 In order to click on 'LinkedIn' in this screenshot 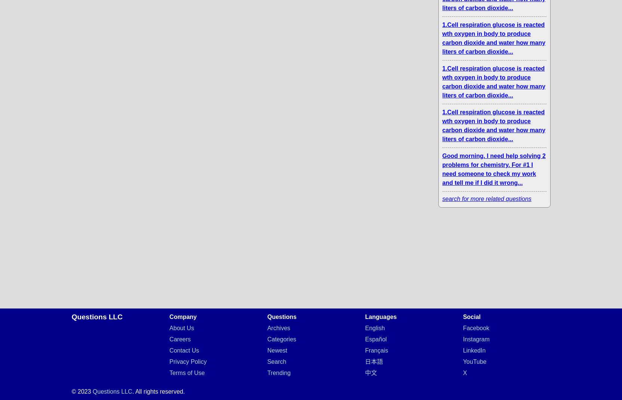, I will do `click(474, 350)`.